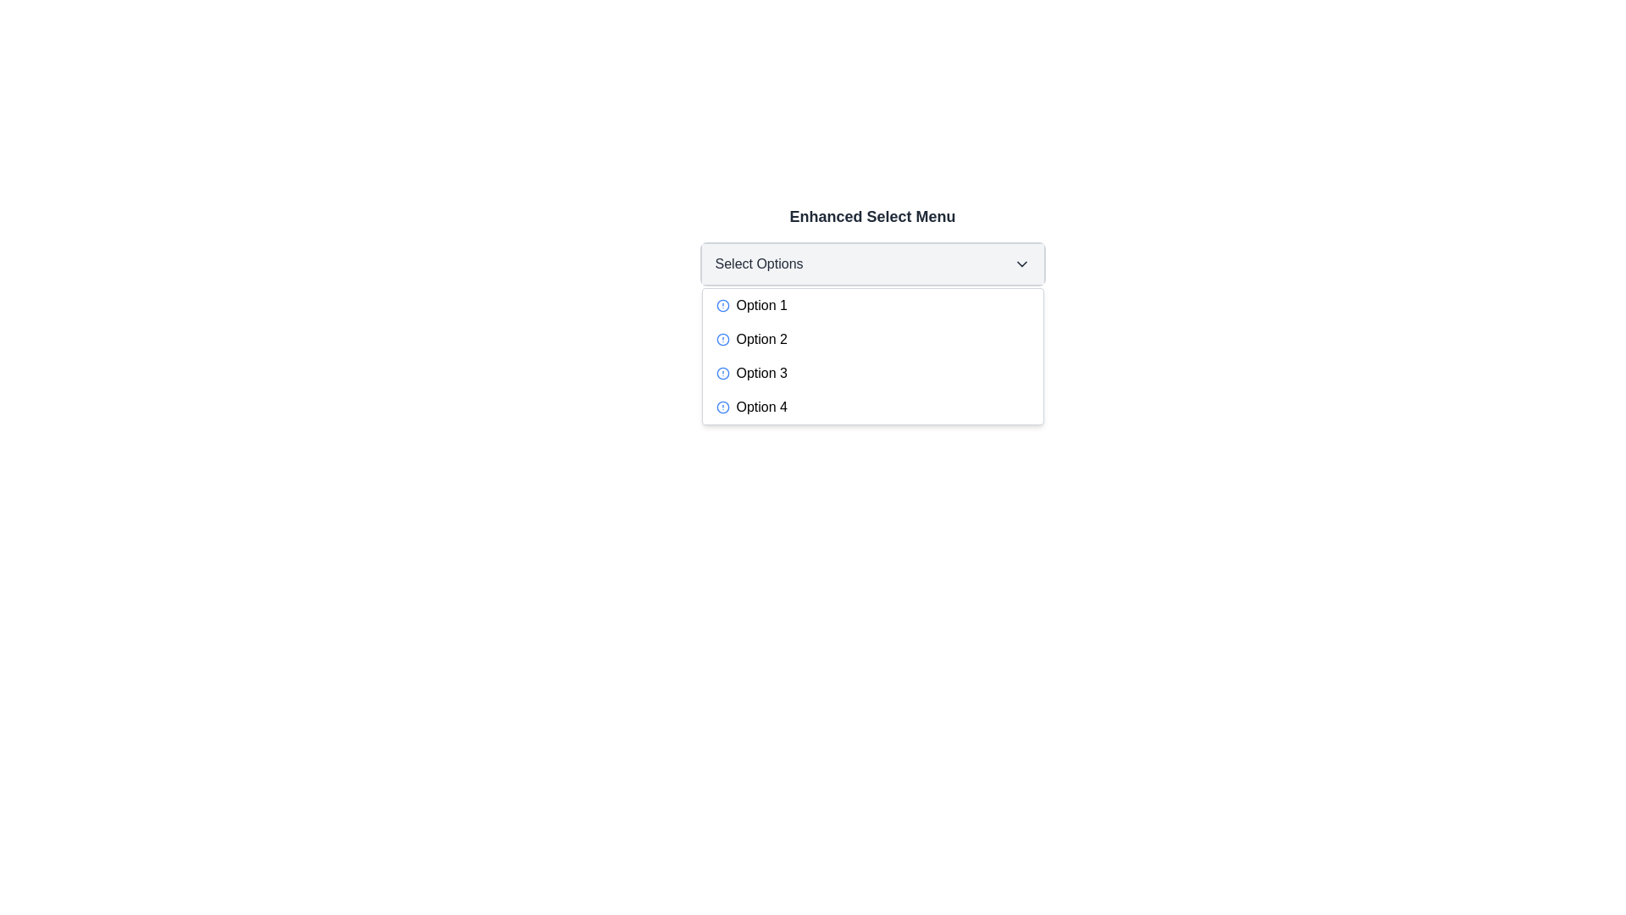 The width and height of the screenshot is (1626, 915). What do you see at coordinates (722, 340) in the screenshot?
I see `the state of the circular icon with a hollow blue outline and a small blue dot inside, which is part of the second option in the list, just before 'Option 2'` at bounding box center [722, 340].